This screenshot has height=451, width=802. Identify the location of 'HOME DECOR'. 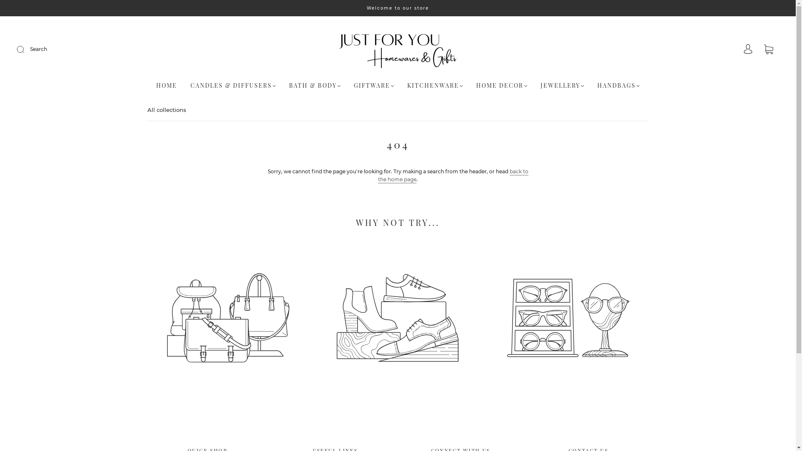
(501, 85).